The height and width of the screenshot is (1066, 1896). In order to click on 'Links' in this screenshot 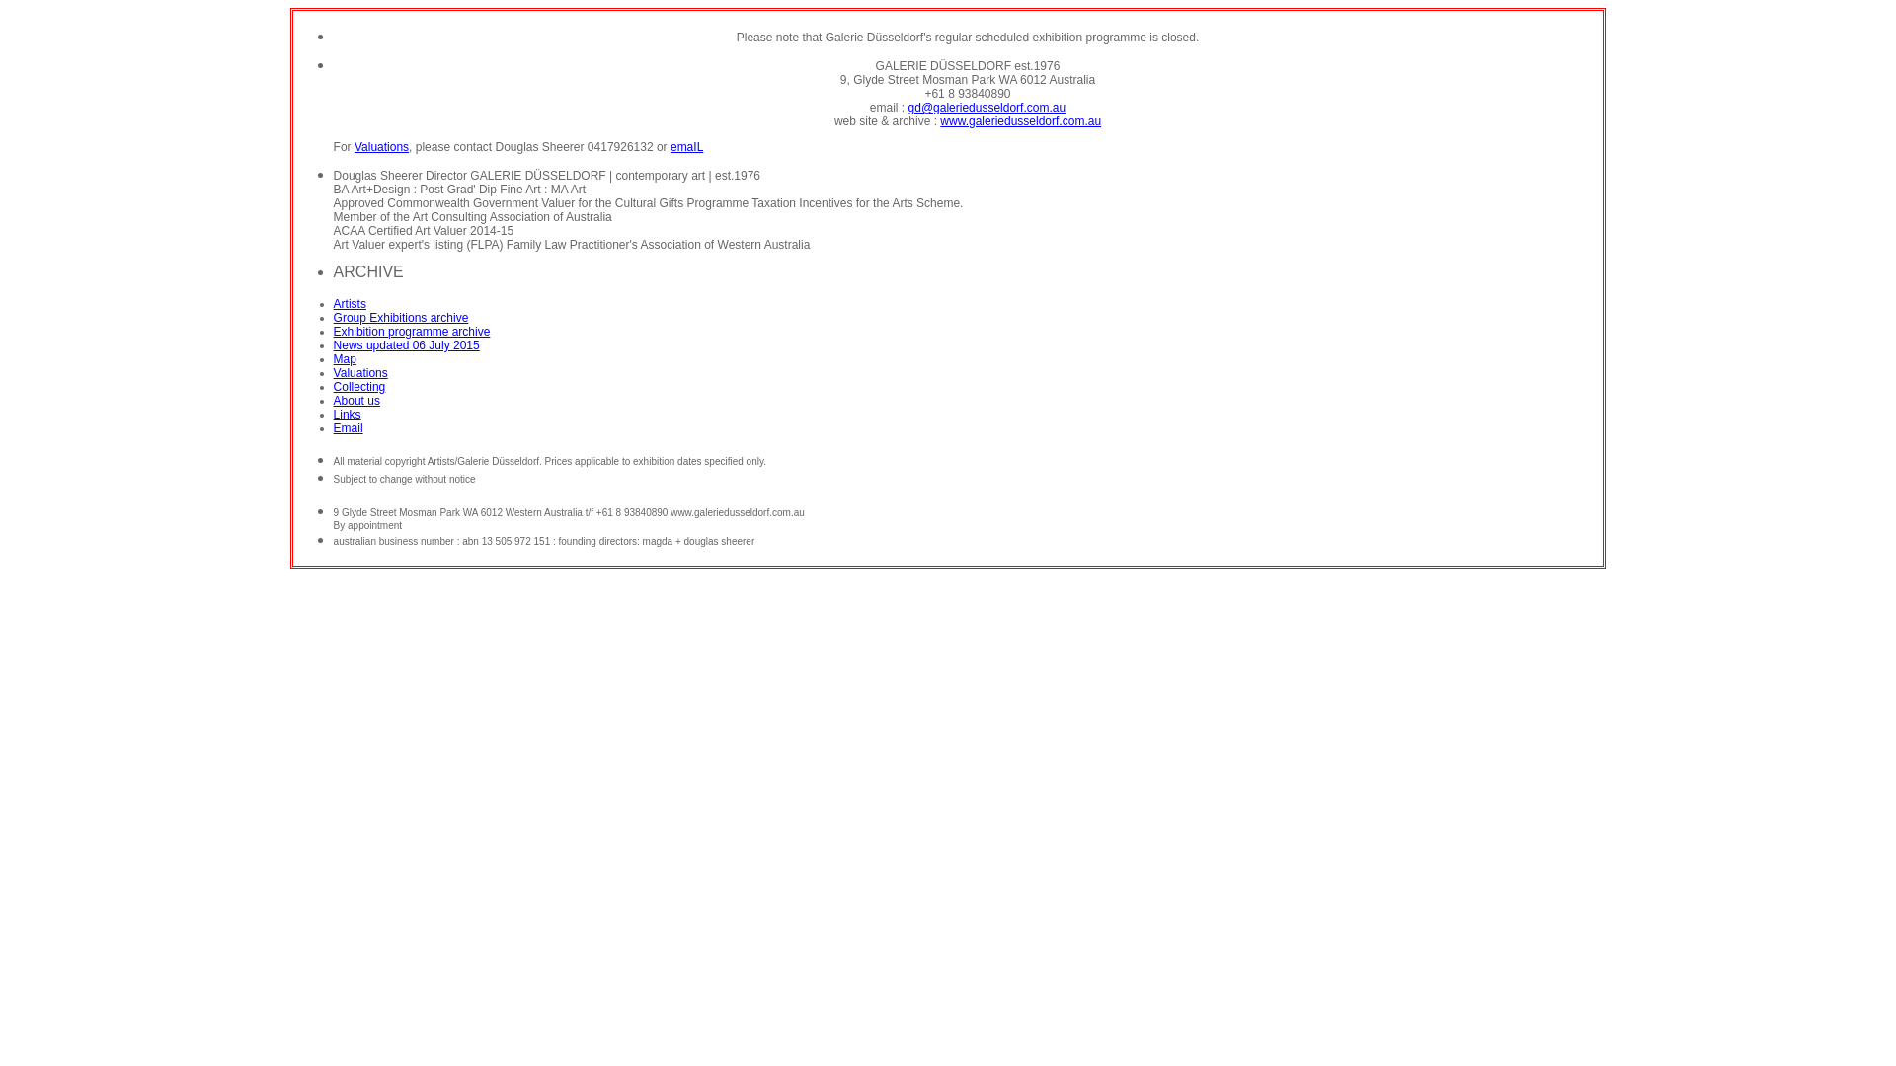, I will do `click(347, 414)`.